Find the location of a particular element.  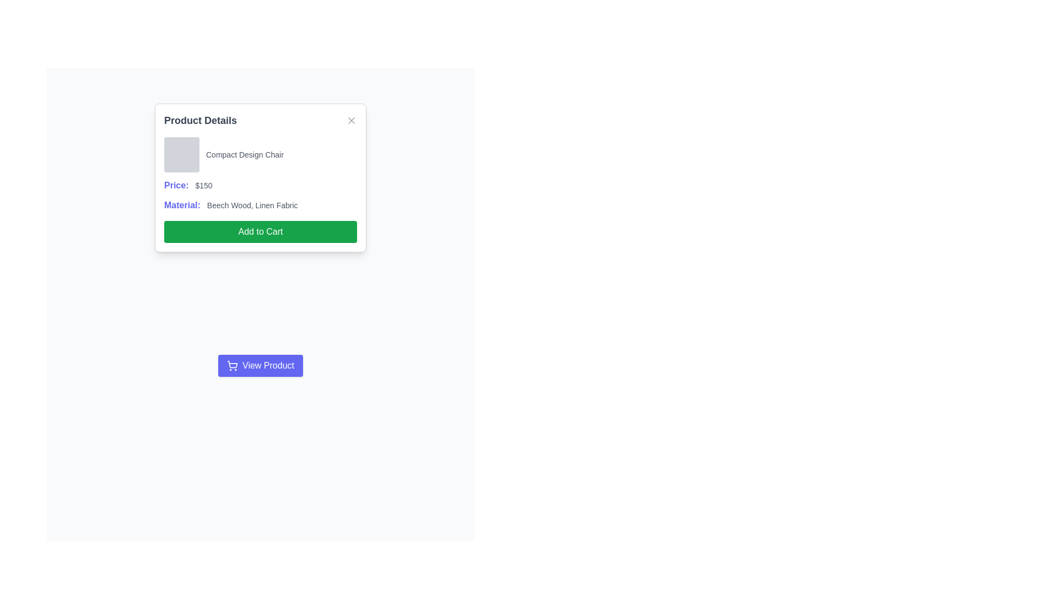

the shopping cart graphic icon within the View Product button, which is the central shape in the SVG icon is located at coordinates (232, 364).